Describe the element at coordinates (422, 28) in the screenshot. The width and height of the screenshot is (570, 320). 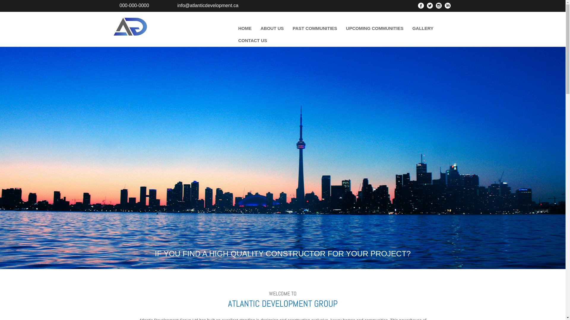
I see `'GALLERY'` at that location.